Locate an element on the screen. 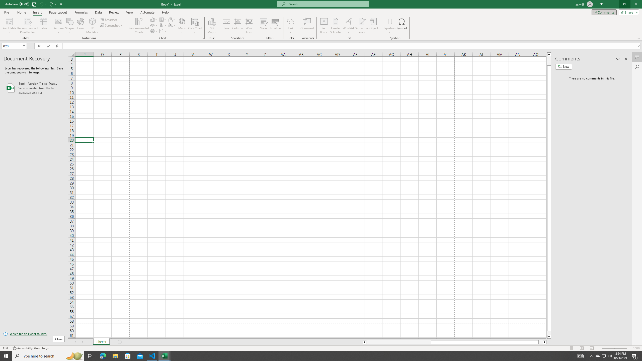  'Table' is located at coordinates (44, 26).